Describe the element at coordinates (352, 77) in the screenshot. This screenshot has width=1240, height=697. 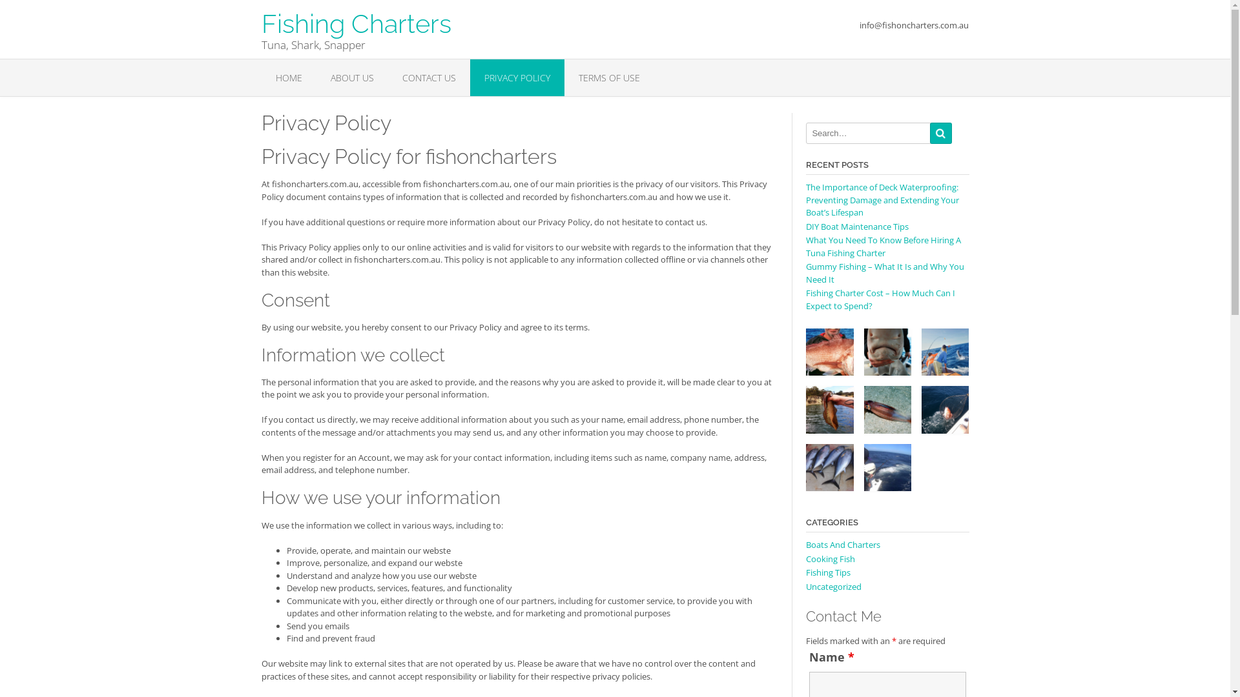
I see `'ABOUT US'` at that location.